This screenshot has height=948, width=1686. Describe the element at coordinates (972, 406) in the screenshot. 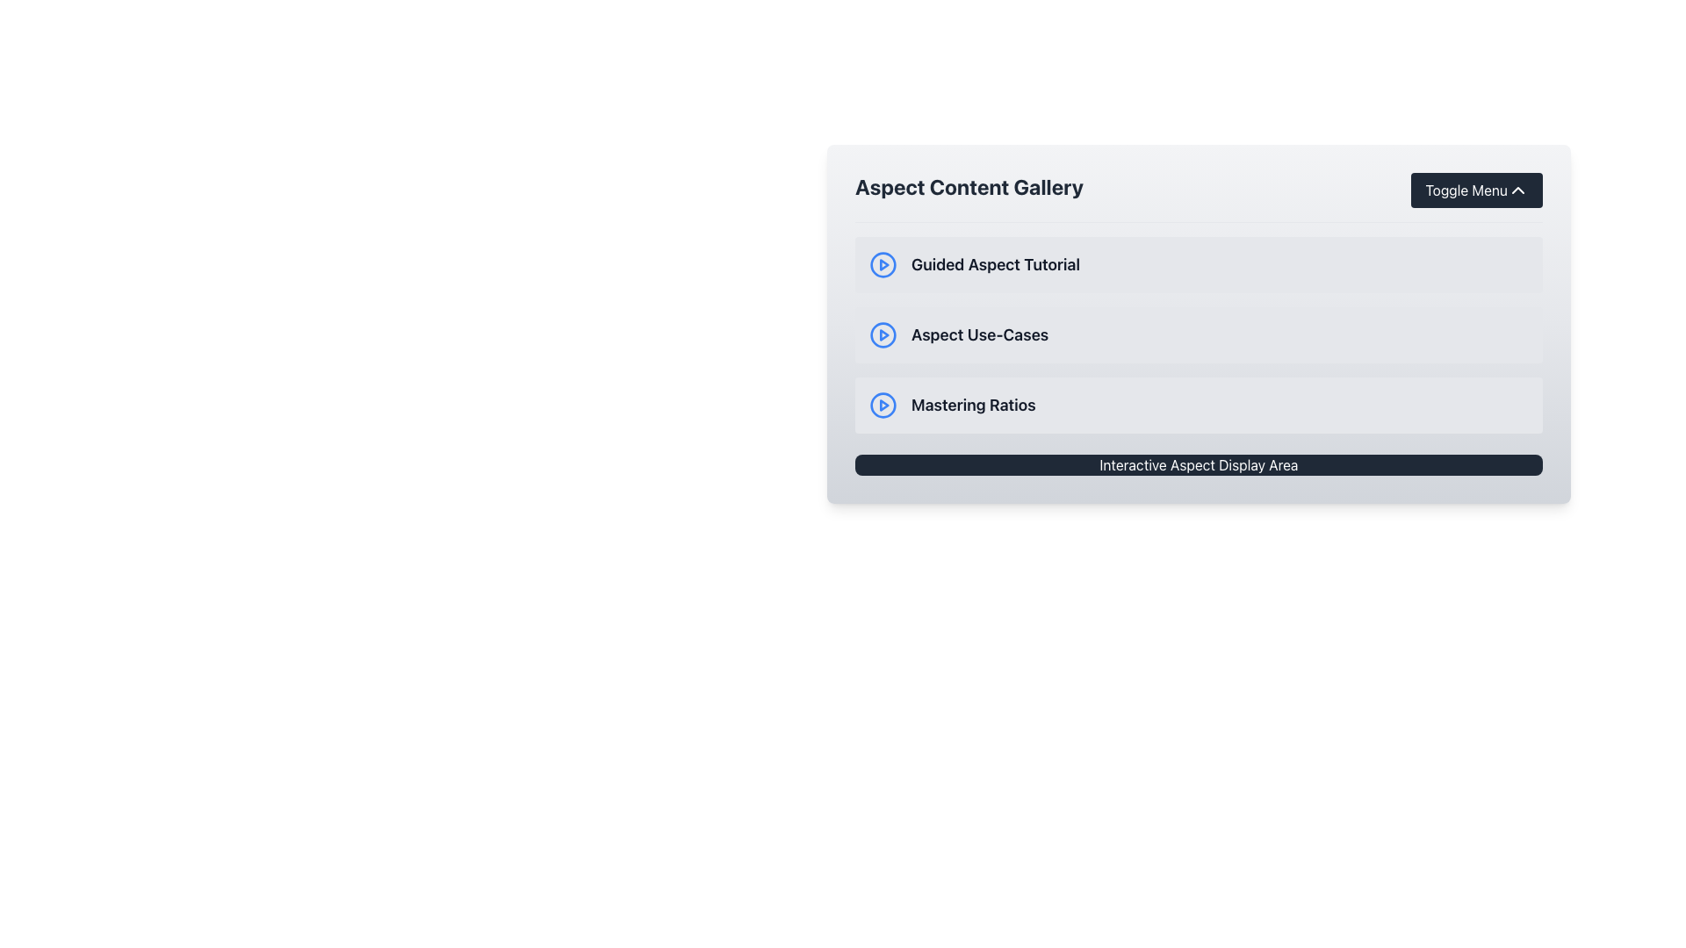

I see `text label titled 'Mastering Ratios' located in the third row of the list, which is positioned to the right of a circular play icon` at that location.